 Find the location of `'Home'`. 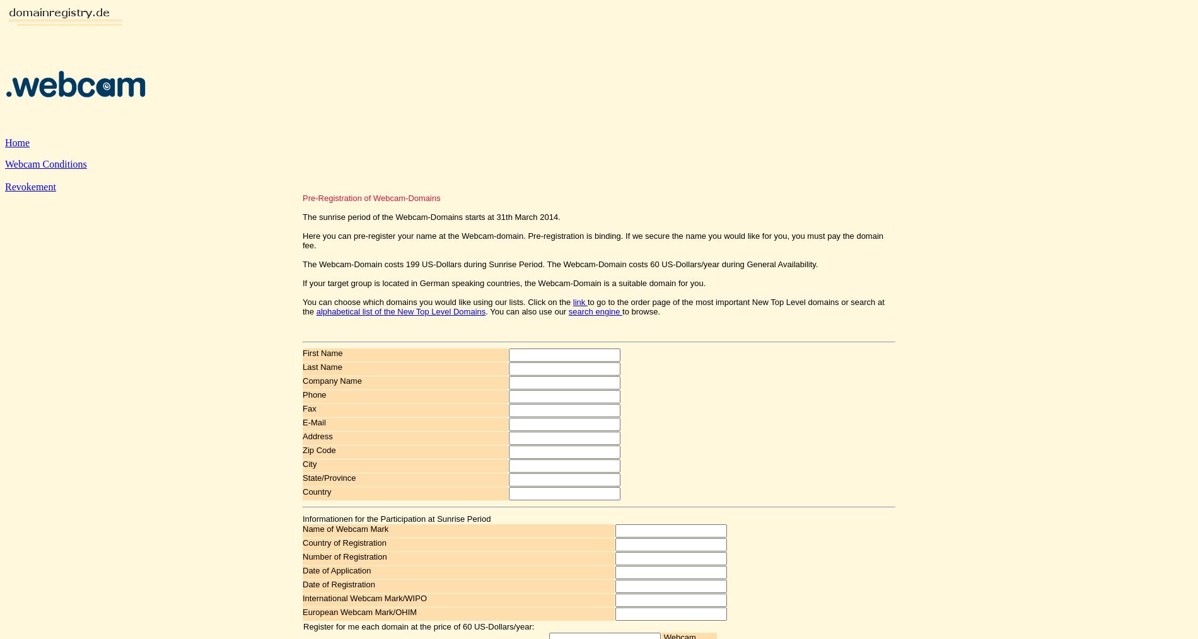

'Home' is located at coordinates (17, 142).